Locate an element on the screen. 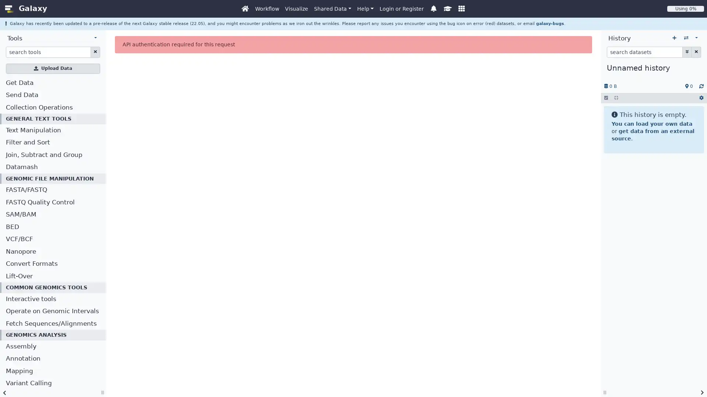 Image resolution: width=707 pixels, height=397 pixels. Download from URL or upload files from disk is located at coordinates (53, 68).